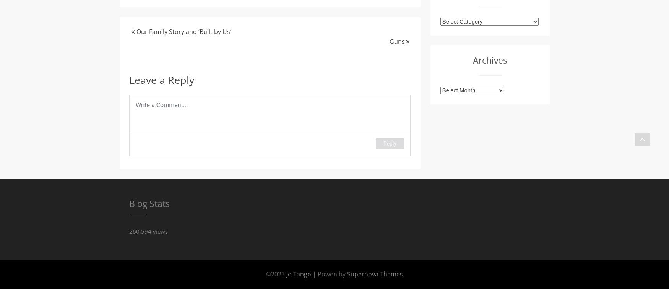  I want to click on '|', so click(314, 273).